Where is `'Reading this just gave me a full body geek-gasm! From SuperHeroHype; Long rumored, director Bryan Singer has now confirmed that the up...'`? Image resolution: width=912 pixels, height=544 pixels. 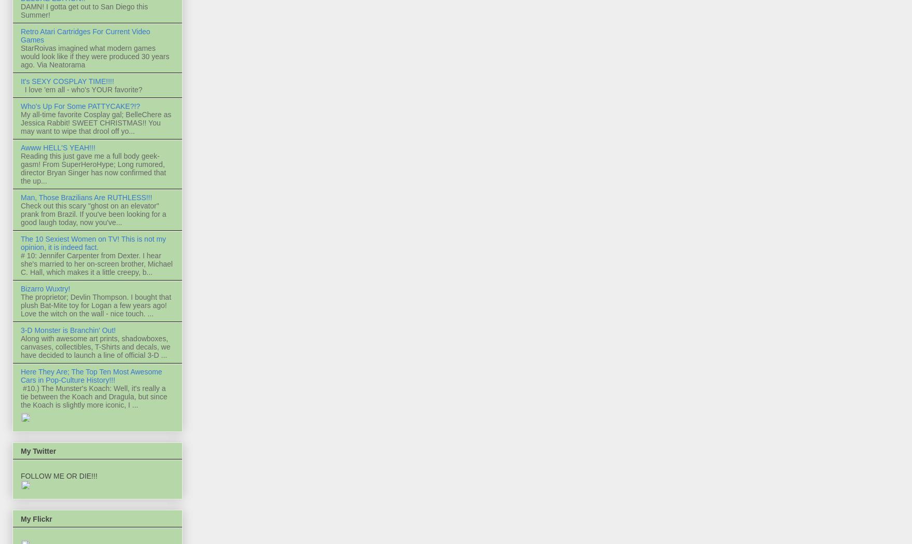
'Reading this just gave me a full body geek-gasm! From SuperHeroHype; Long rumored, director Bryan Singer has now confirmed that the up...' is located at coordinates (21, 168).